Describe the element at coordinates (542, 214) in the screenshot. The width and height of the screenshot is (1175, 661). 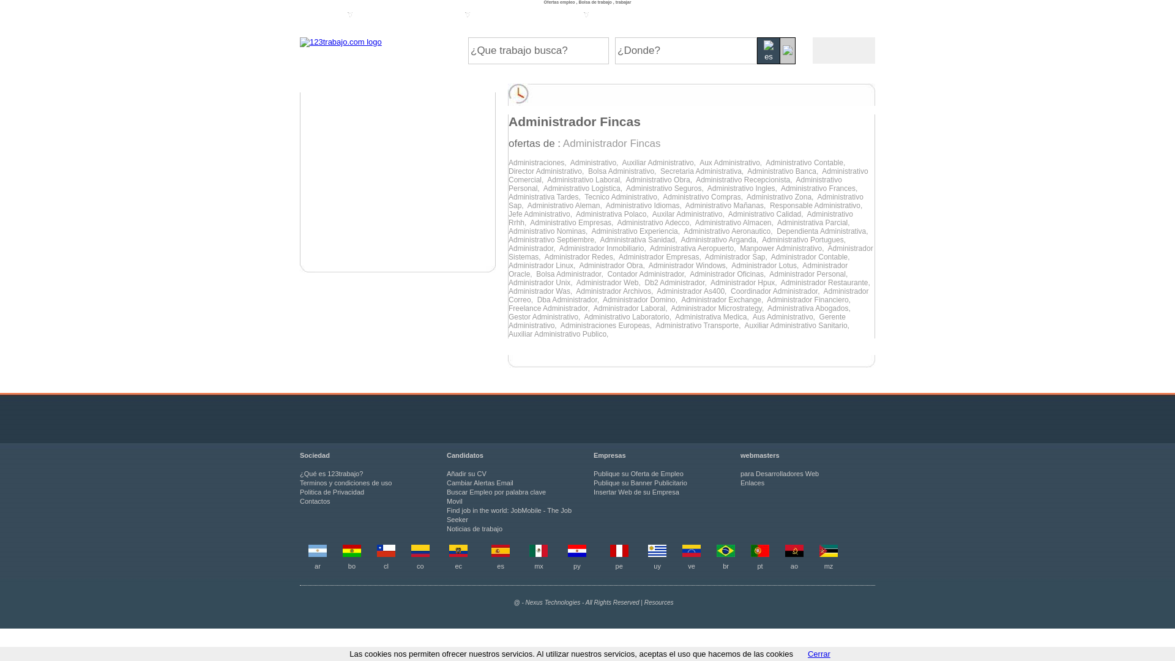
I see `'Jefe Administrativo, '` at that location.